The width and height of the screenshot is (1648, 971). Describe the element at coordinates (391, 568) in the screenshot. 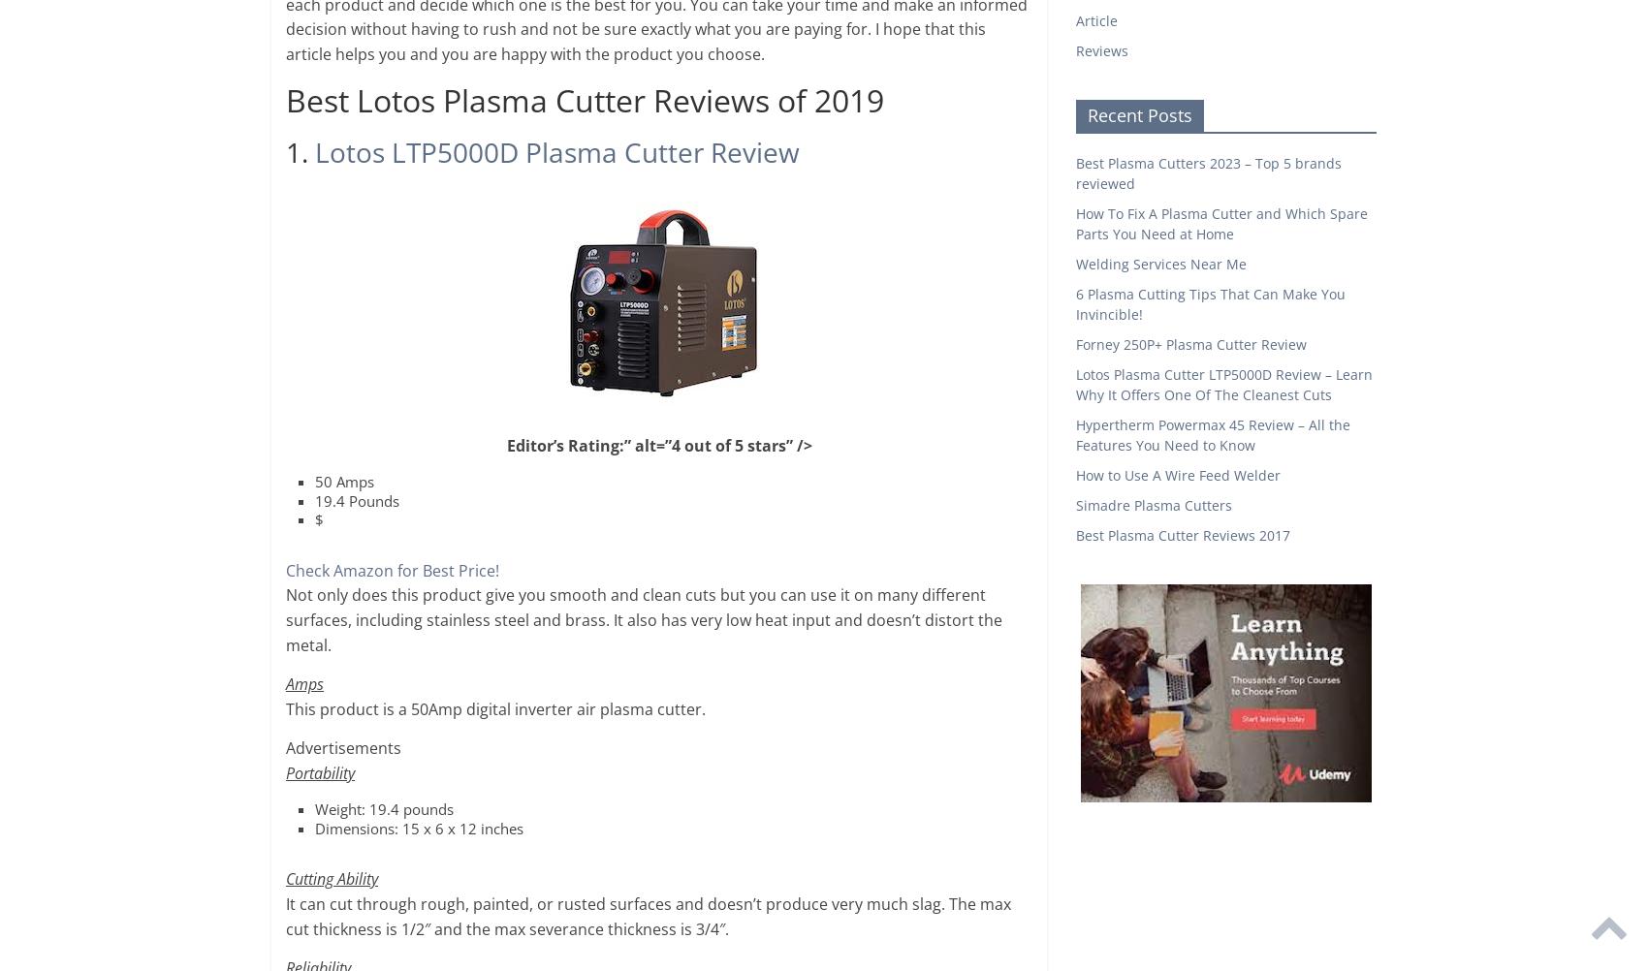

I see `'Check Amazon for Best Price!'` at that location.